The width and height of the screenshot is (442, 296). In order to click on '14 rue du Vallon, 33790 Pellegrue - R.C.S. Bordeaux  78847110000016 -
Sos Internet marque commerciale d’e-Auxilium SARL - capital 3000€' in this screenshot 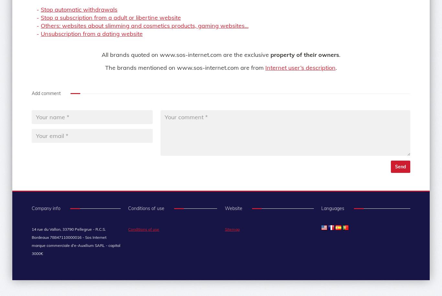, I will do `click(31, 241)`.